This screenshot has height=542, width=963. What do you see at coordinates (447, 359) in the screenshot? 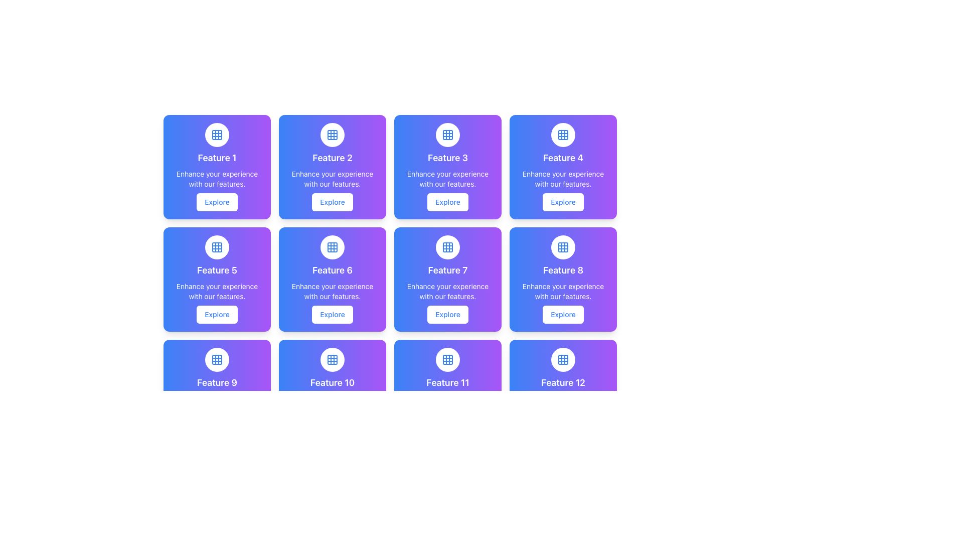
I see `the Decorative icon component, which is a rounded rectangle filled with blue, centrally positioned within the grid layout icon at the top of the 'Feature 11' card` at bounding box center [447, 359].